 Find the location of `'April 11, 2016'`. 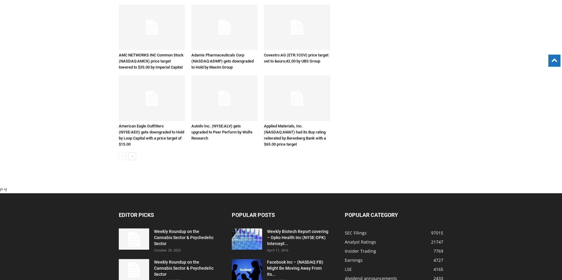

'April 11, 2016' is located at coordinates (267, 250).